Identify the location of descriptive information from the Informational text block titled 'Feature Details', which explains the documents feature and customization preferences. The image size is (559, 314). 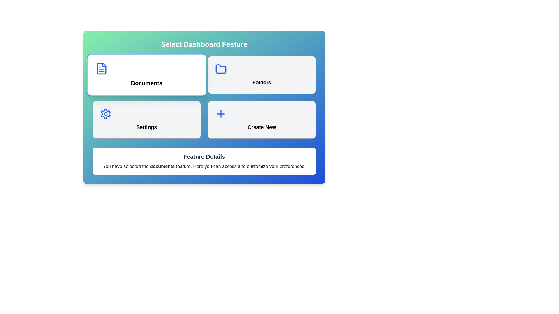
(204, 161).